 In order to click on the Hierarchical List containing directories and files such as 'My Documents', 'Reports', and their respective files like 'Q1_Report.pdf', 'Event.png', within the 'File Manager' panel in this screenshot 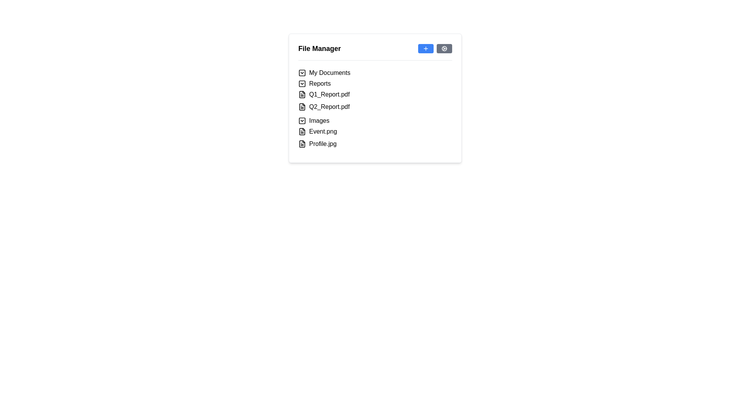, I will do `click(375, 110)`.